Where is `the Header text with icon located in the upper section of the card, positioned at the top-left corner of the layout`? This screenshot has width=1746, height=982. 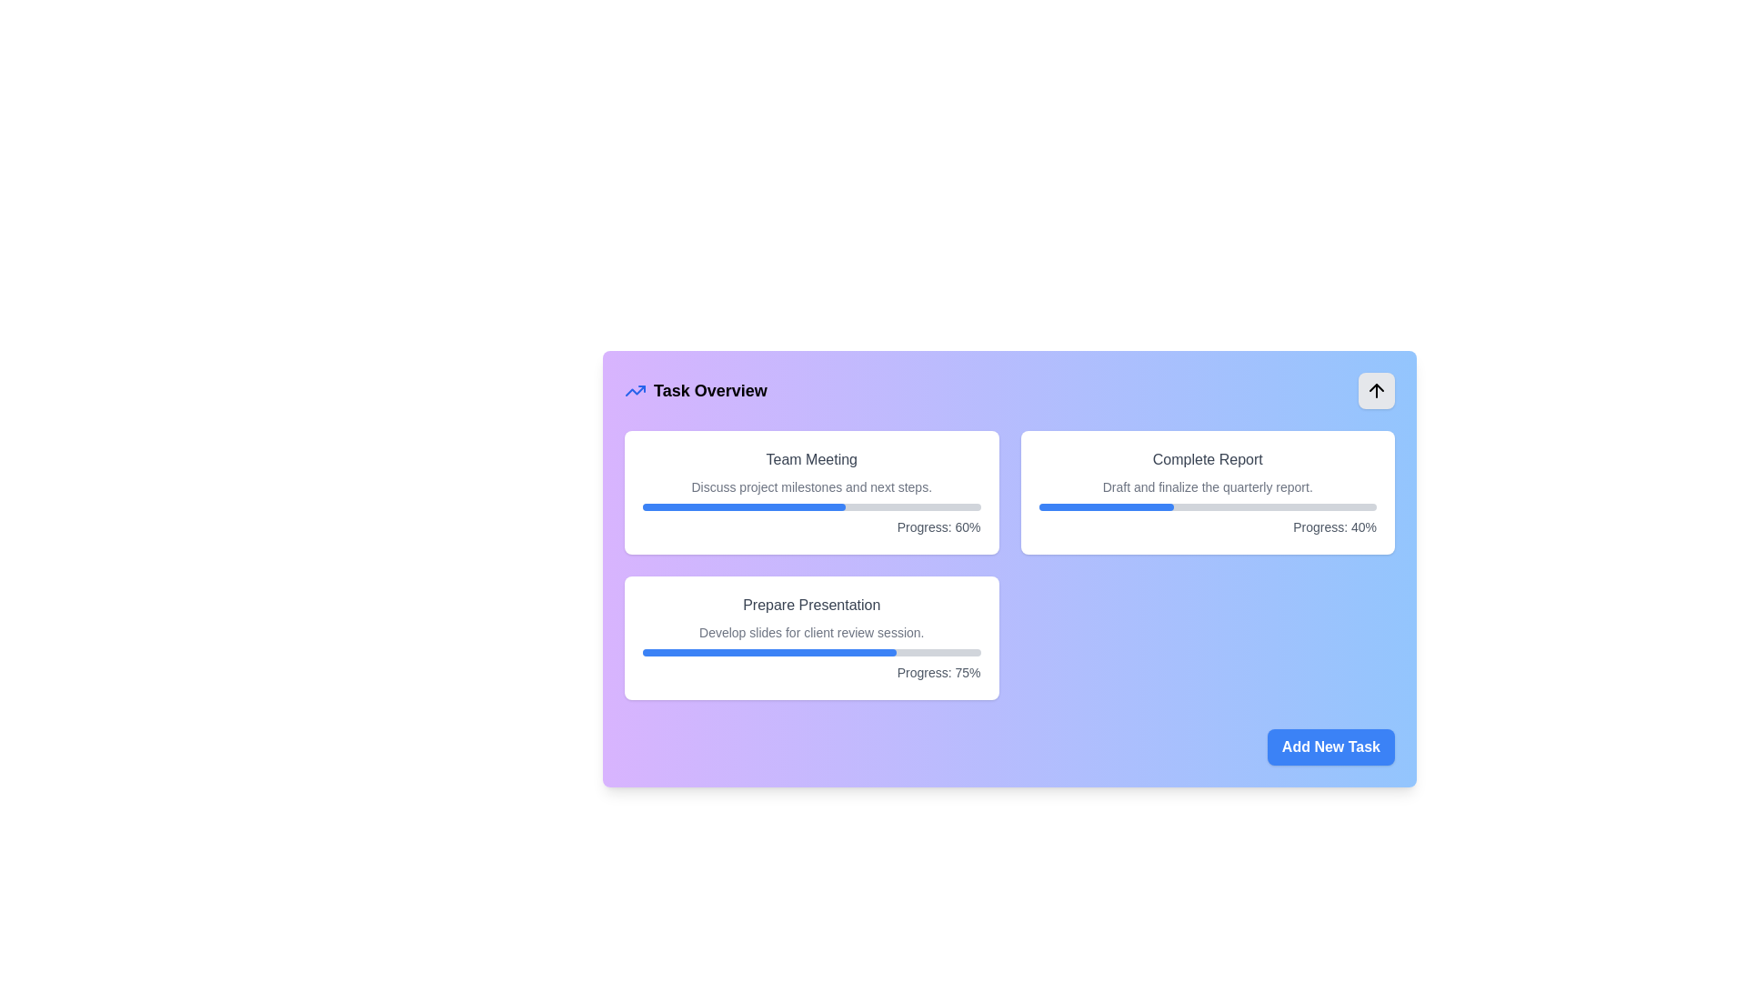
the Header text with icon located in the upper section of the card, positioned at the top-left corner of the layout is located at coordinates (695, 389).